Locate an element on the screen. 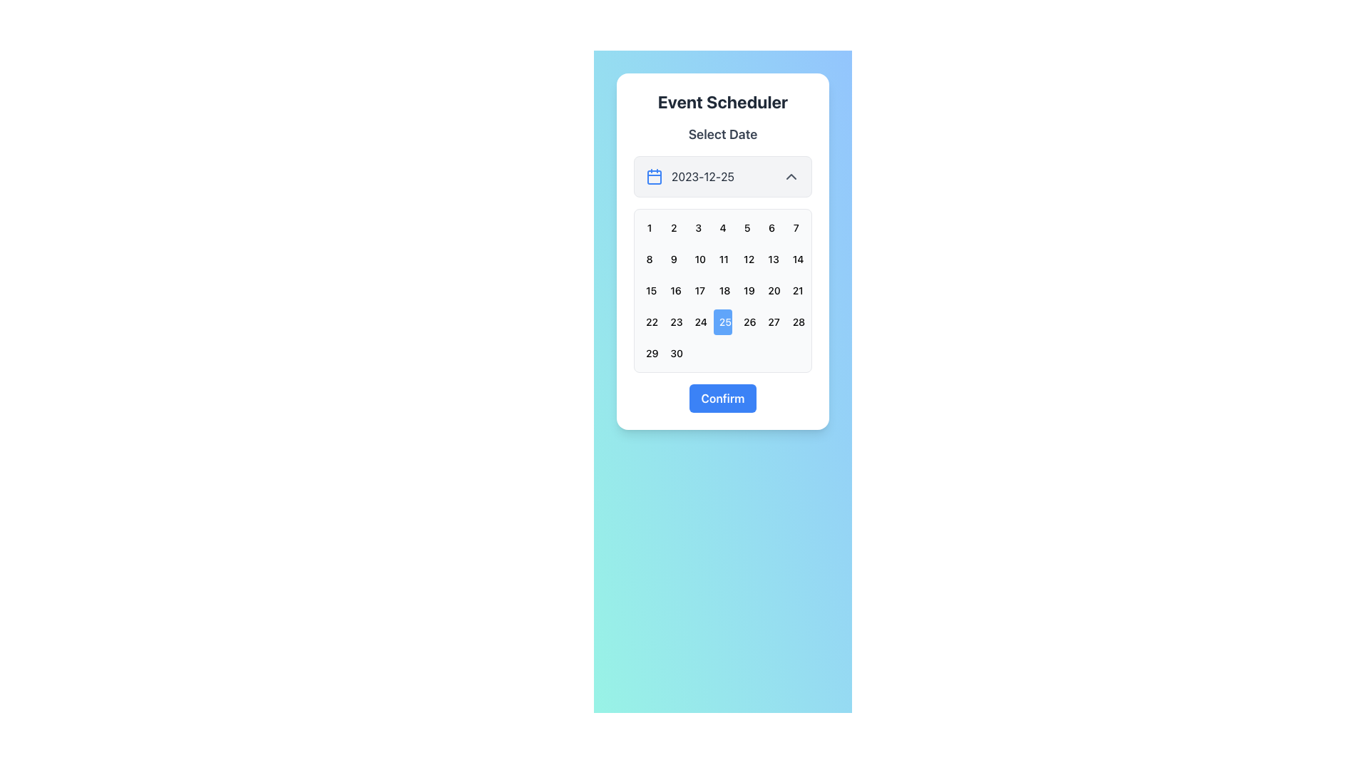  the Static information display element showing the date '2023-12-25', which is located below the 'Select Date' header and aligns between a calendar icon and a chevron icon is located at coordinates (722, 175).